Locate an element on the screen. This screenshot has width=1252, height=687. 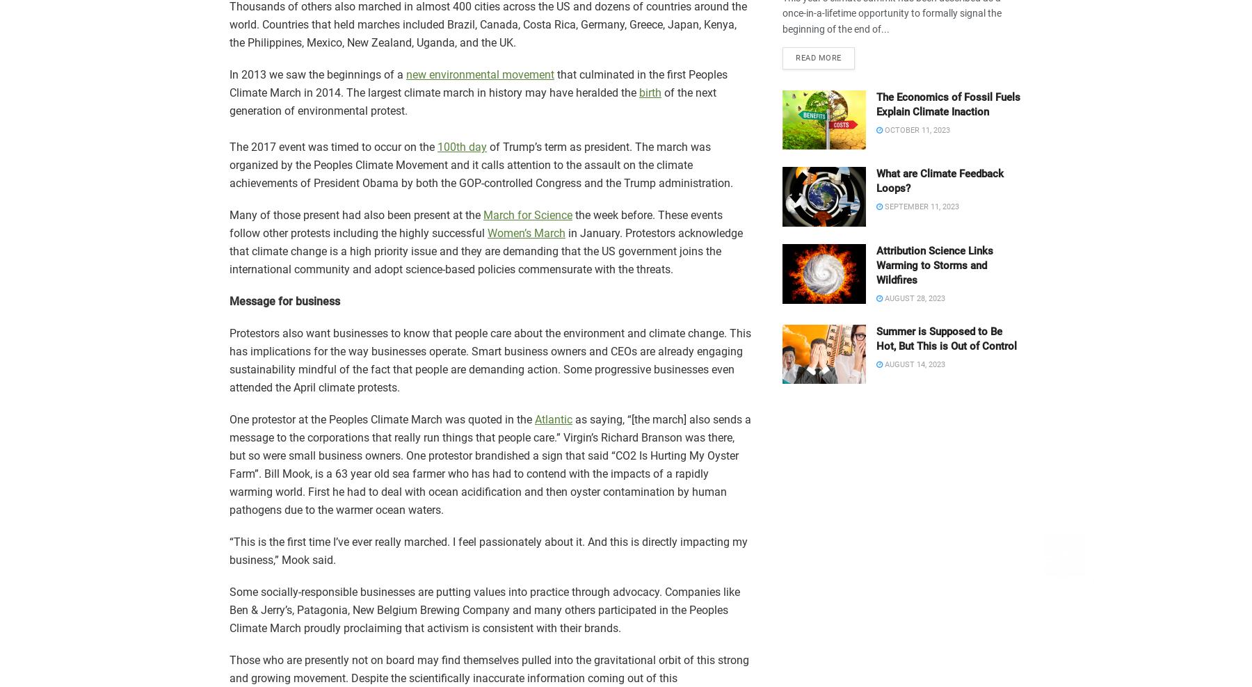
'March for Science' is located at coordinates (527, 214).